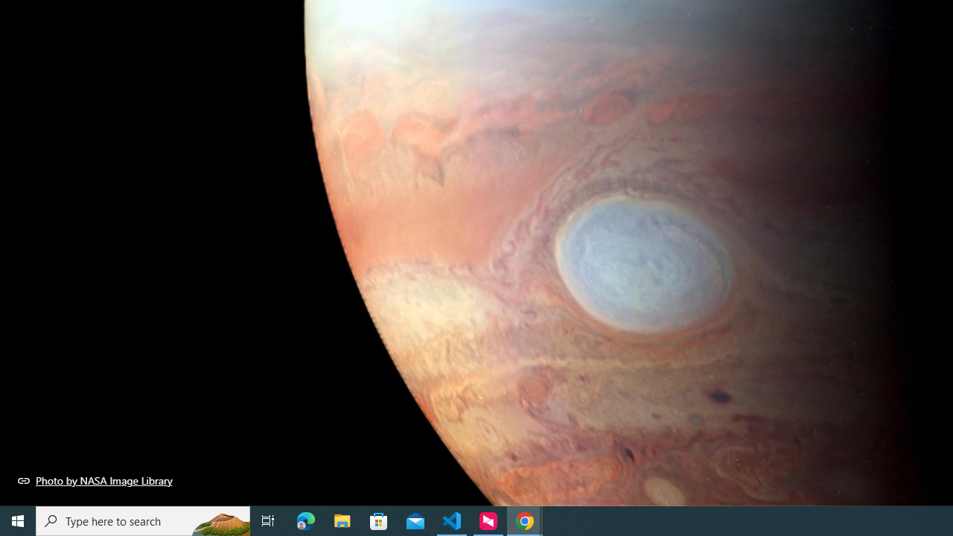  I want to click on 'Photo by NASA Image Library', so click(95, 480).